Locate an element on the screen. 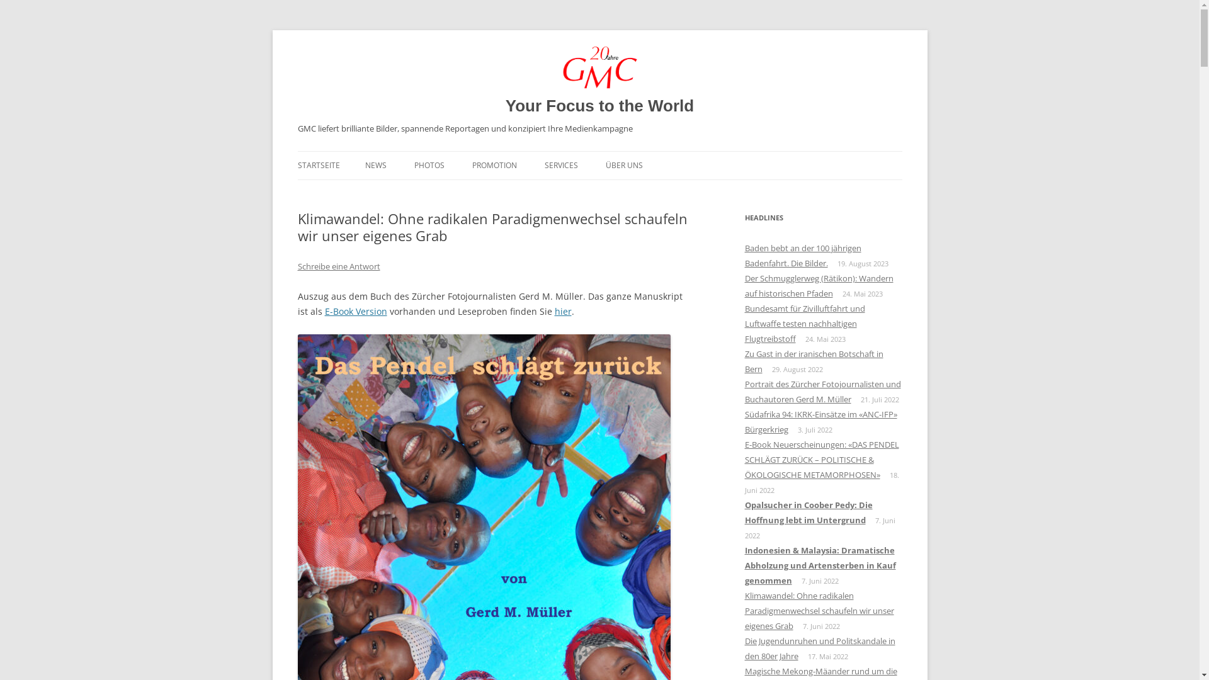  'hier' is located at coordinates (562, 311).